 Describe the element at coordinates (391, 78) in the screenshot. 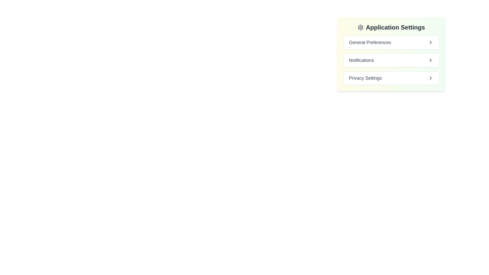

I see `the navigation button for privacy settings, which is the third item in the vertically arranged list under 'Application Settings'` at that location.